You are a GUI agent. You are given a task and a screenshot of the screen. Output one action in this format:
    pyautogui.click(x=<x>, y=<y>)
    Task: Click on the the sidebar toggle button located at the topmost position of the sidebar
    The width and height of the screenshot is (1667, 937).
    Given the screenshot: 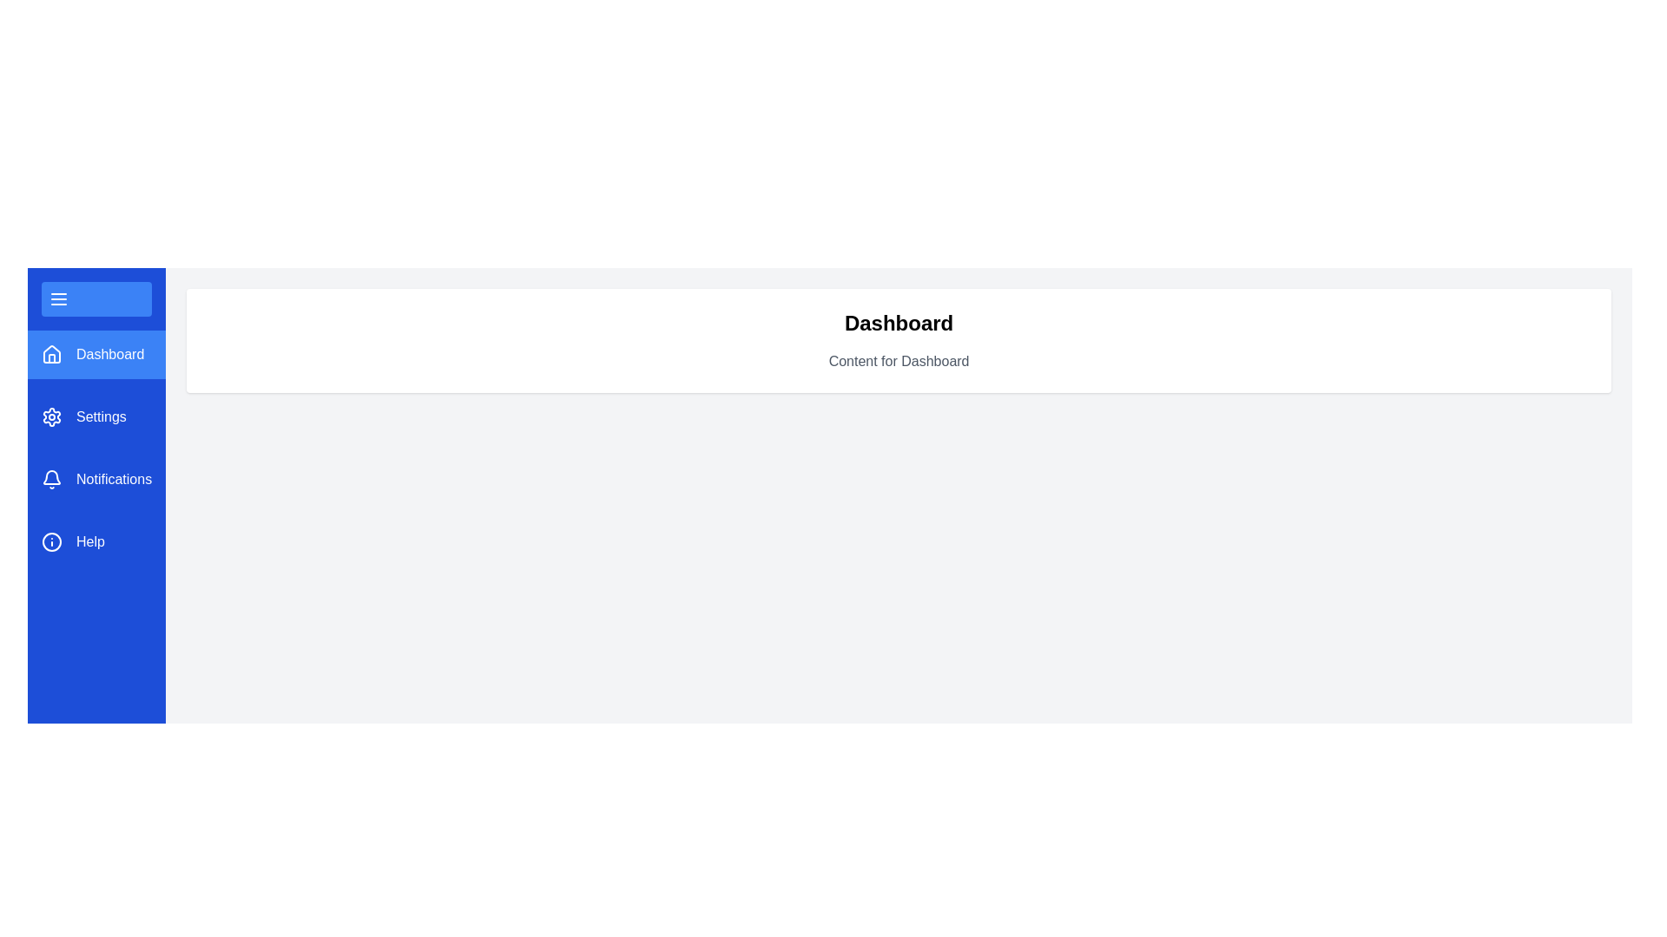 What is the action you would take?
    pyautogui.click(x=96, y=298)
    